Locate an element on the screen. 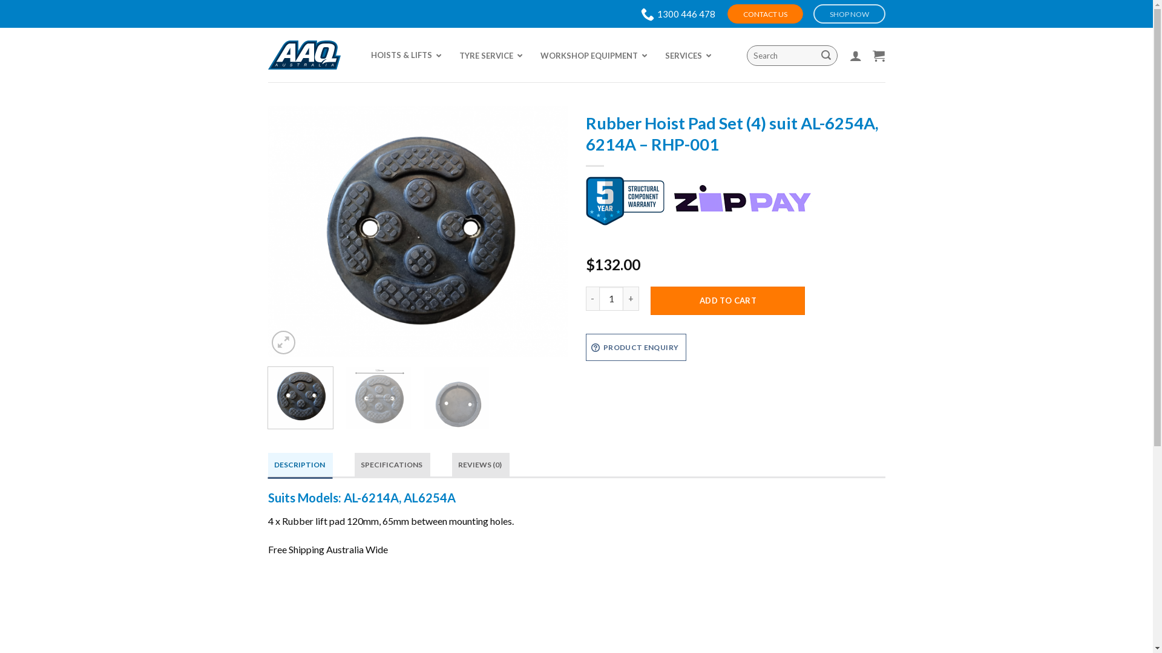 The height and width of the screenshot is (653, 1162). 'AAQ - Advance Auto Quip' is located at coordinates (304, 55).